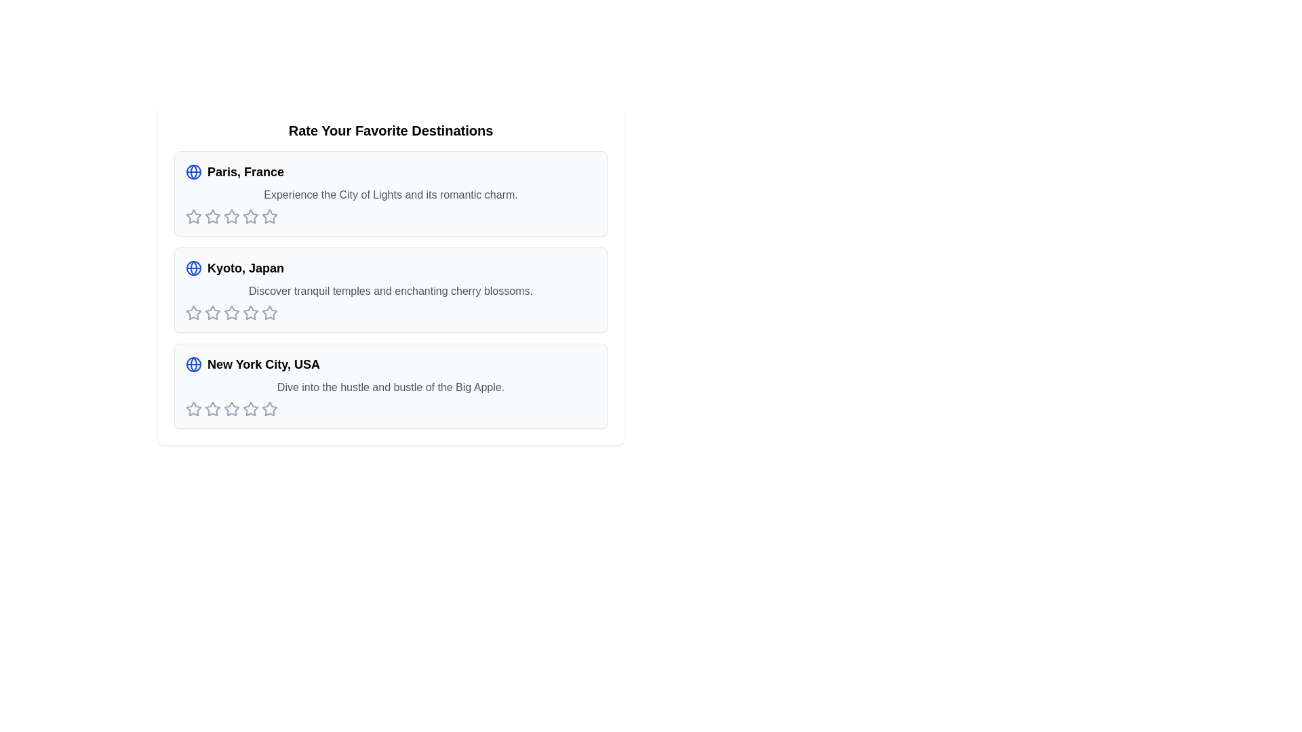 Image resolution: width=1302 pixels, height=732 pixels. I want to click on the blue globe icon located next to the text 'Kyoto, Japan' in the list under 'Rate Your Favorite Destinations', so click(193, 268).